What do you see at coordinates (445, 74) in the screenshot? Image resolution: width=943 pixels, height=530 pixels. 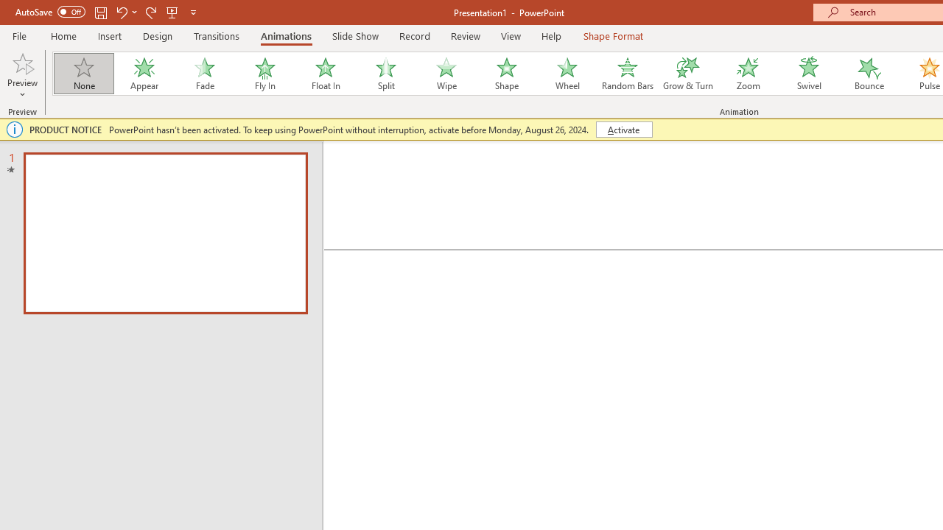 I see `'Wipe'` at bounding box center [445, 74].